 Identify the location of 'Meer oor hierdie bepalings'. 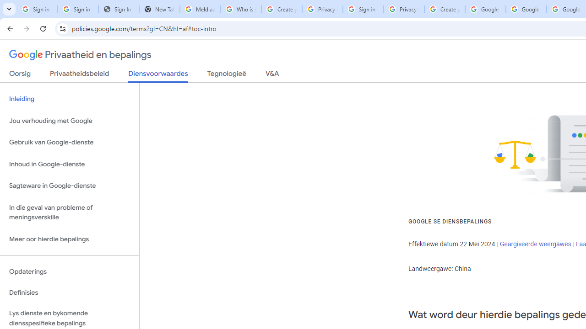
(69, 239).